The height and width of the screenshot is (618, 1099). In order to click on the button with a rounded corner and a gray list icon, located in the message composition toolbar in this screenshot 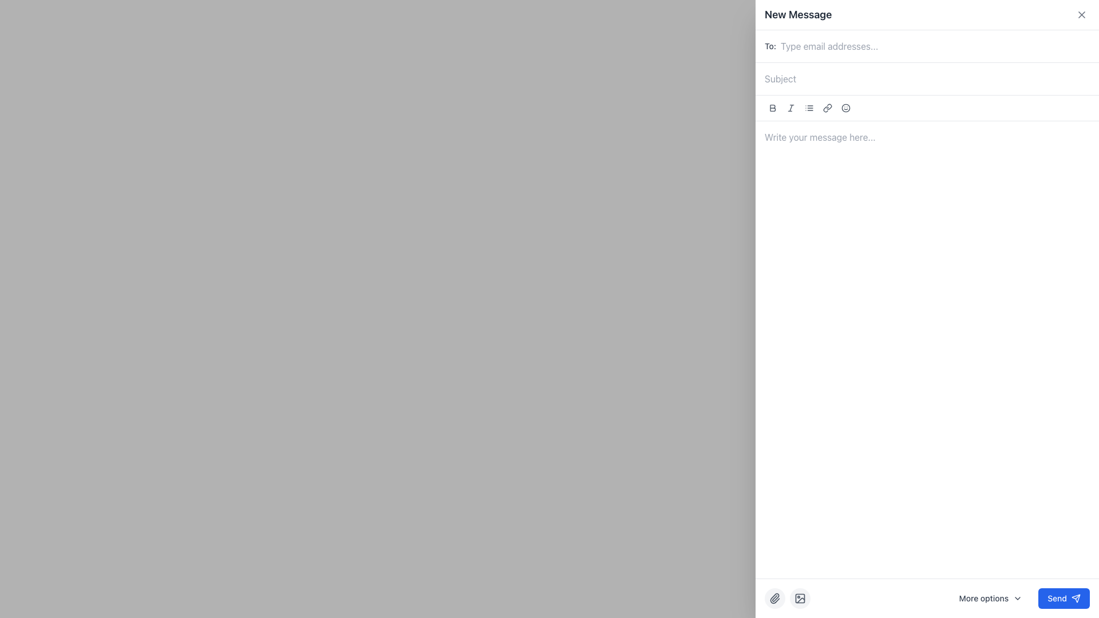, I will do `click(809, 108)`.